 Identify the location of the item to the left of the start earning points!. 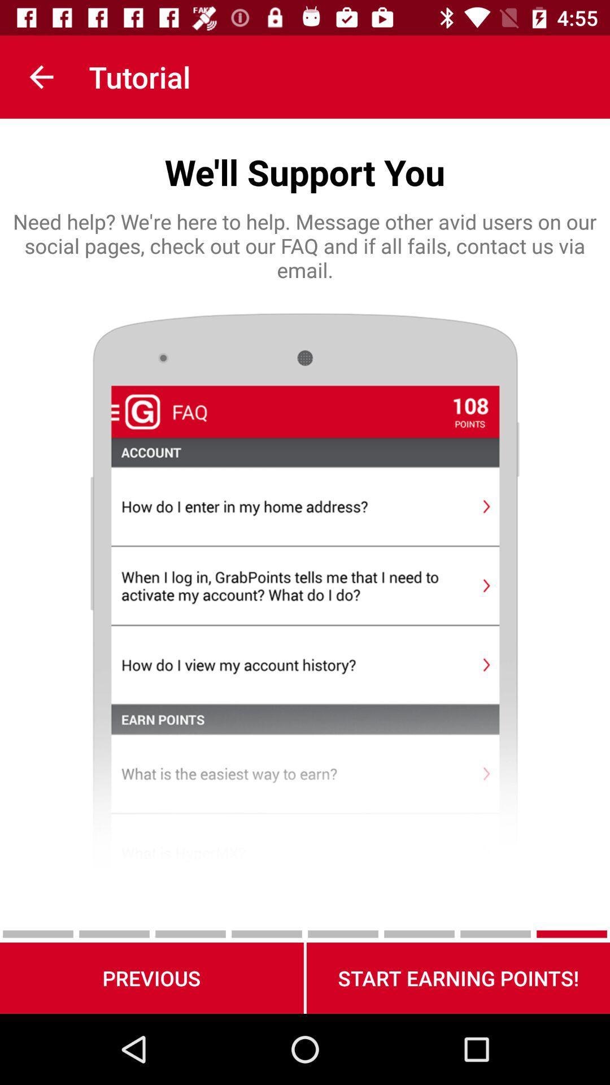
(151, 978).